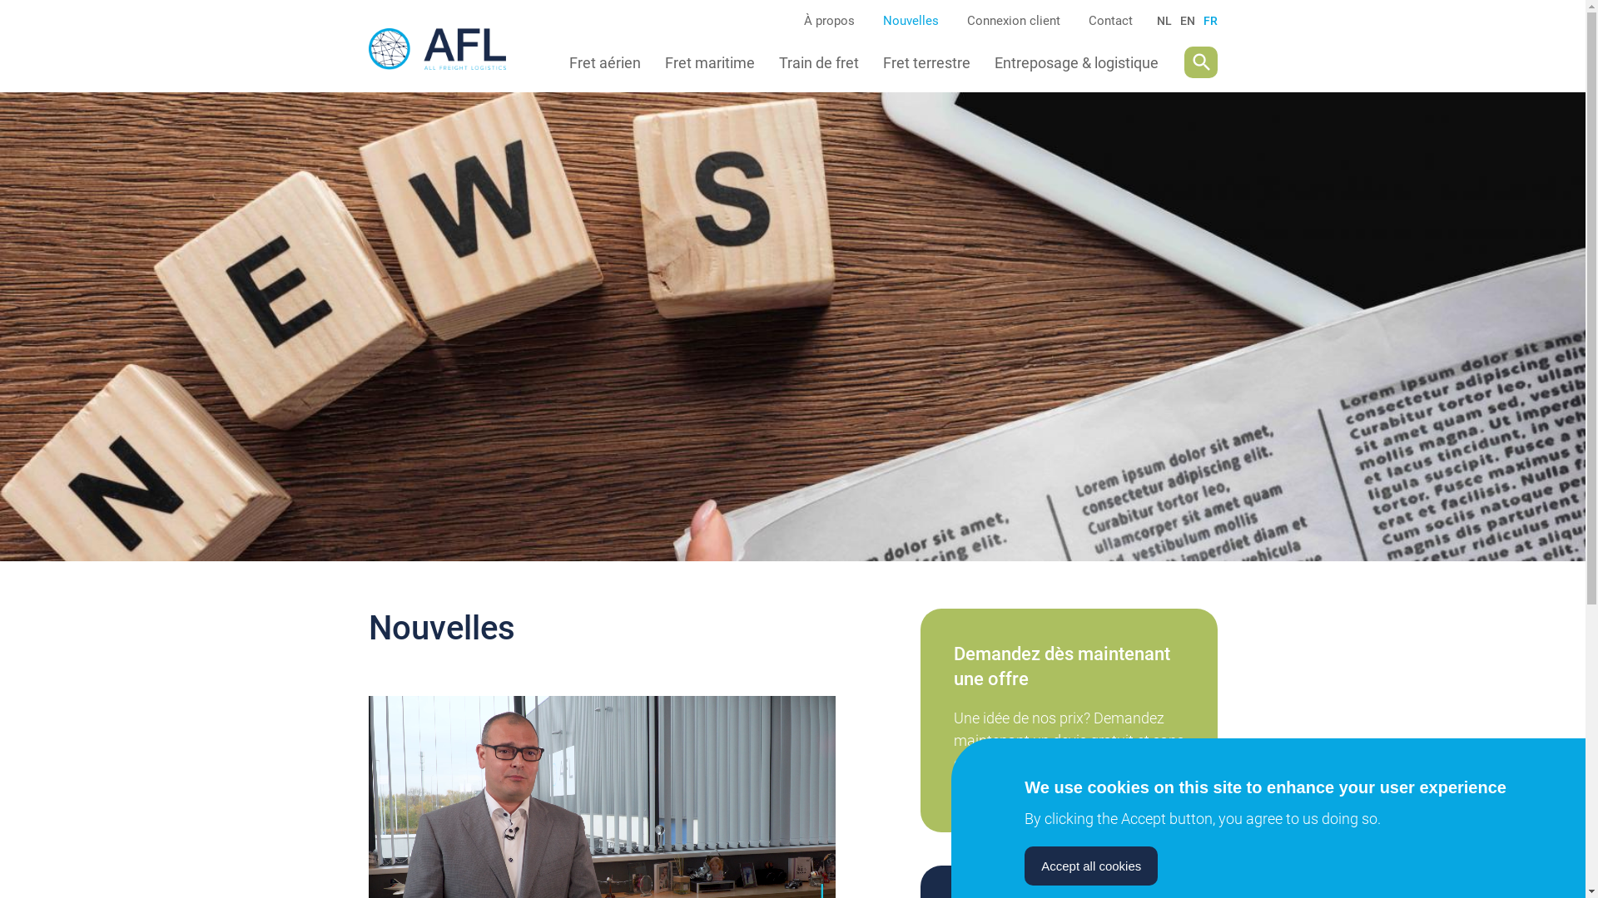 This screenshot has height=898, width=1598. I want to click on 'Aller au contenu principal', so click(0, 0).